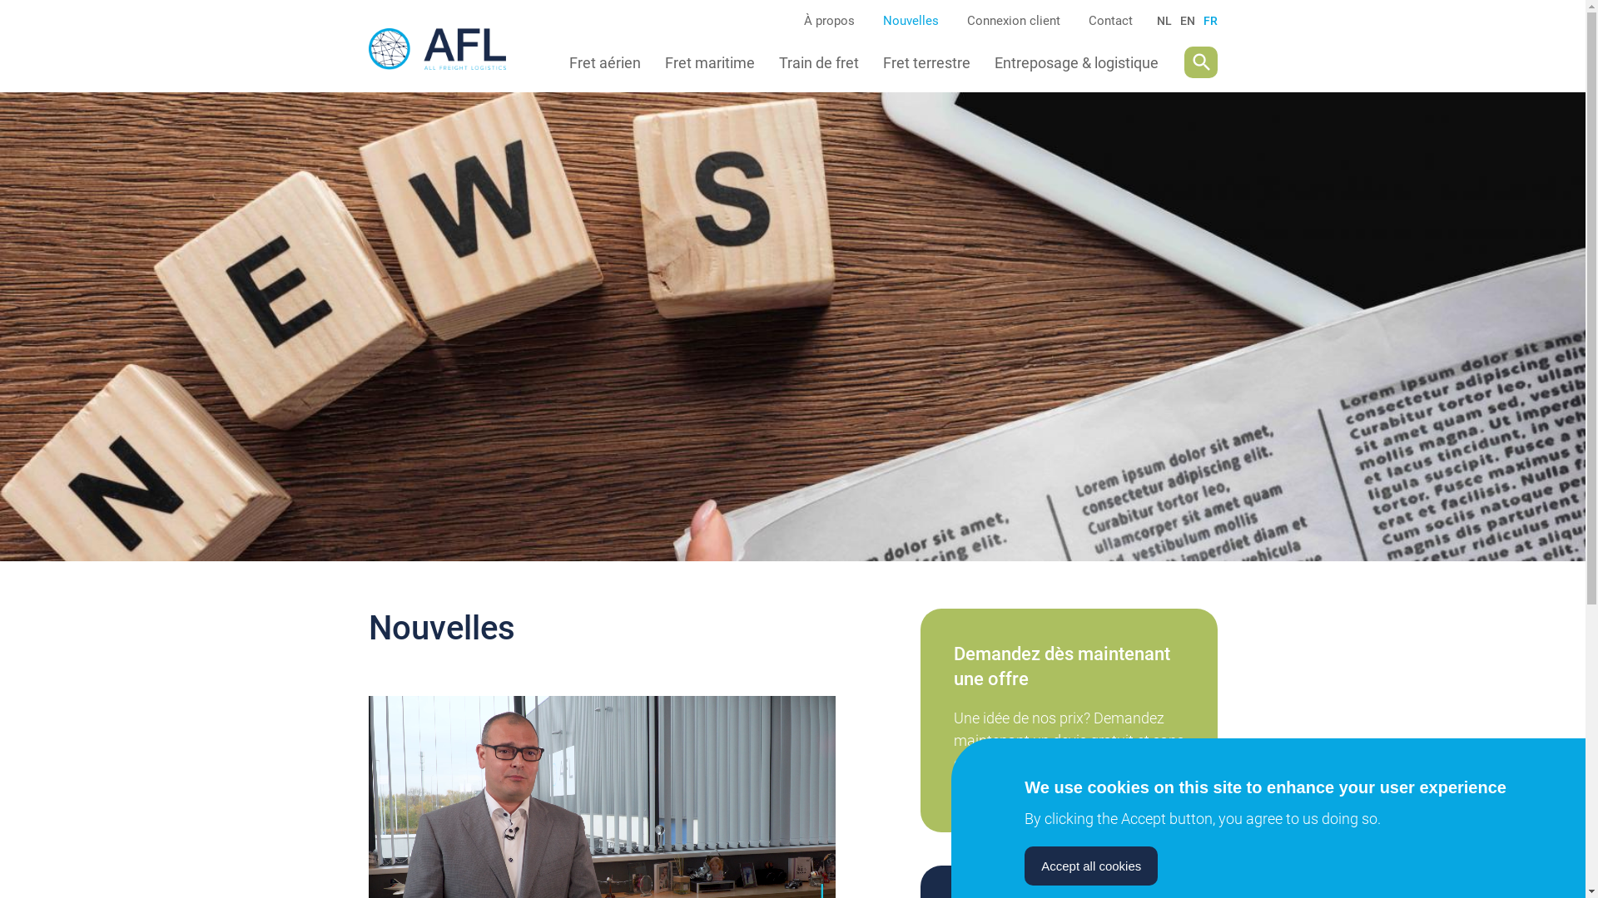 This screenshot has height=898, width=1598. I want to click on 'Aller au contenu principal', so click(0, 0).